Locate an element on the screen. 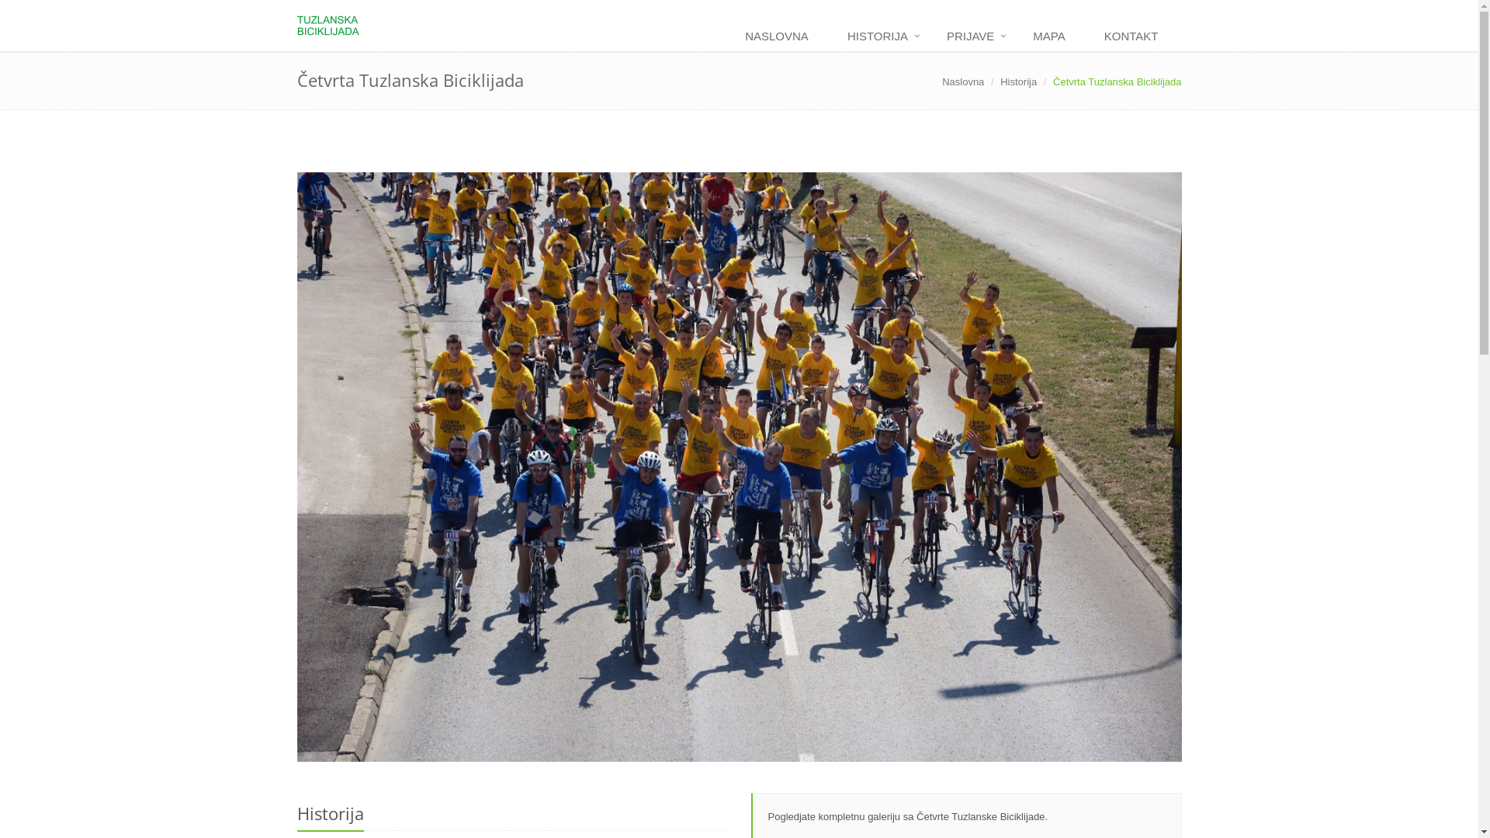 Image resolution: width=1490 pixels, height=838 pixels. 'Naslovna' is located at coordinates (941, 81).